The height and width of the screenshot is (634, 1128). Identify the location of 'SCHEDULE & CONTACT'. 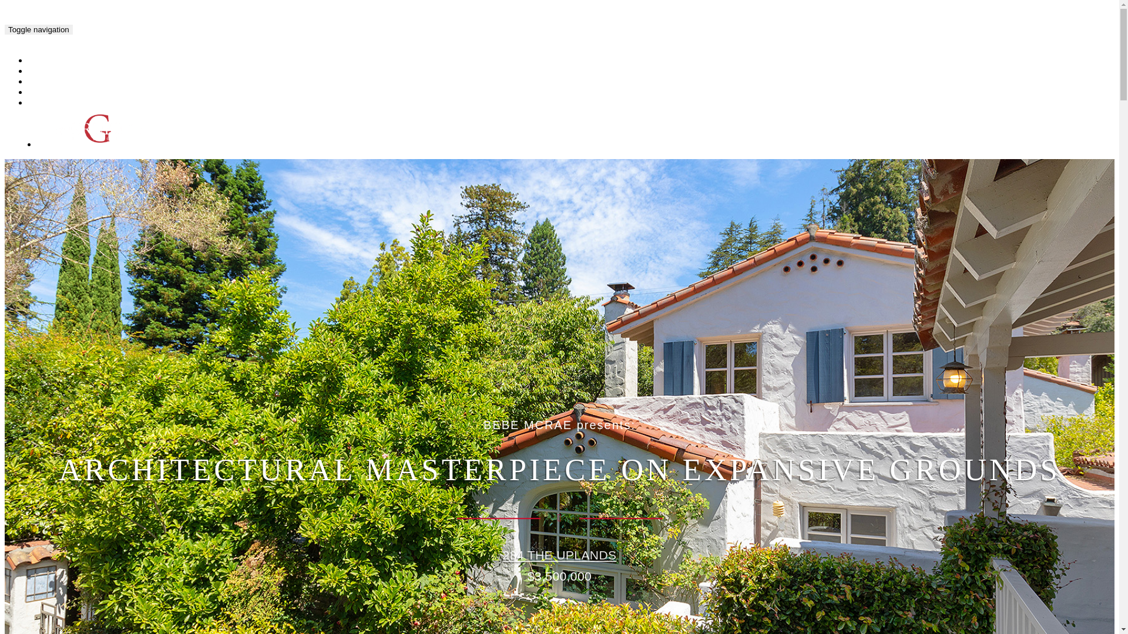
(81, 103).